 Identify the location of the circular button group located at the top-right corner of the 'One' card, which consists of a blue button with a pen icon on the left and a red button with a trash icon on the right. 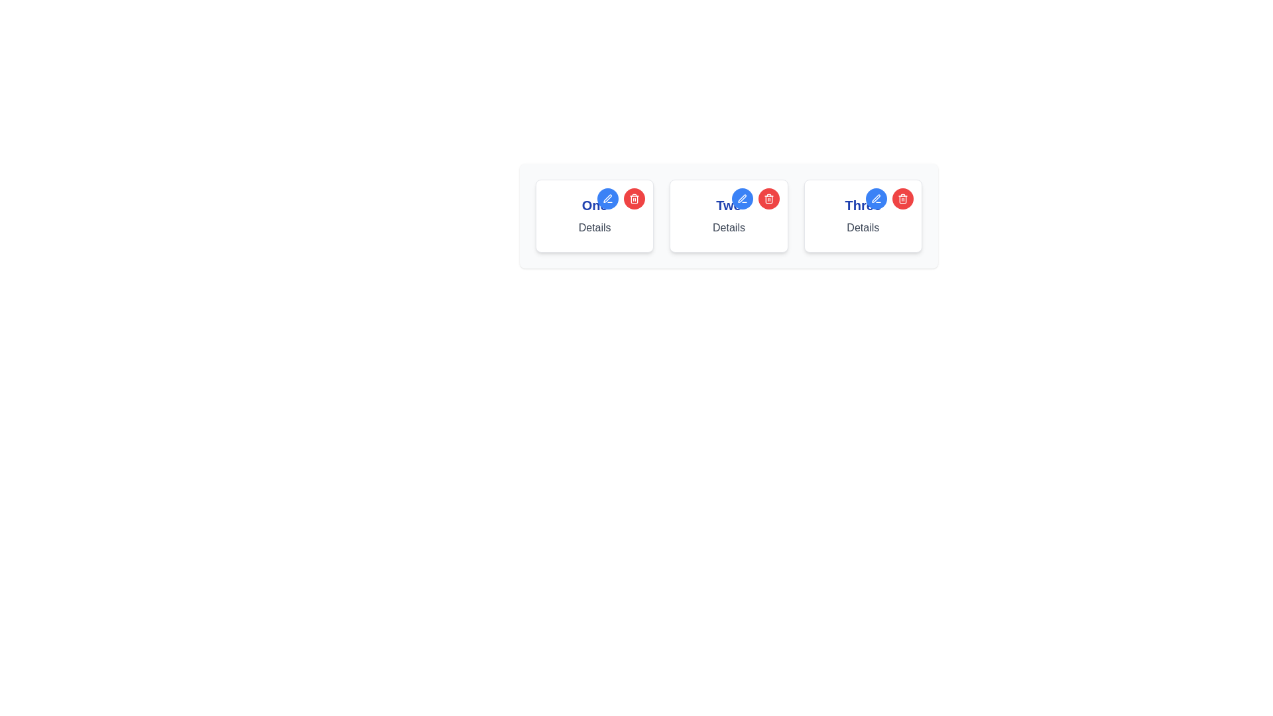
(621, 199).